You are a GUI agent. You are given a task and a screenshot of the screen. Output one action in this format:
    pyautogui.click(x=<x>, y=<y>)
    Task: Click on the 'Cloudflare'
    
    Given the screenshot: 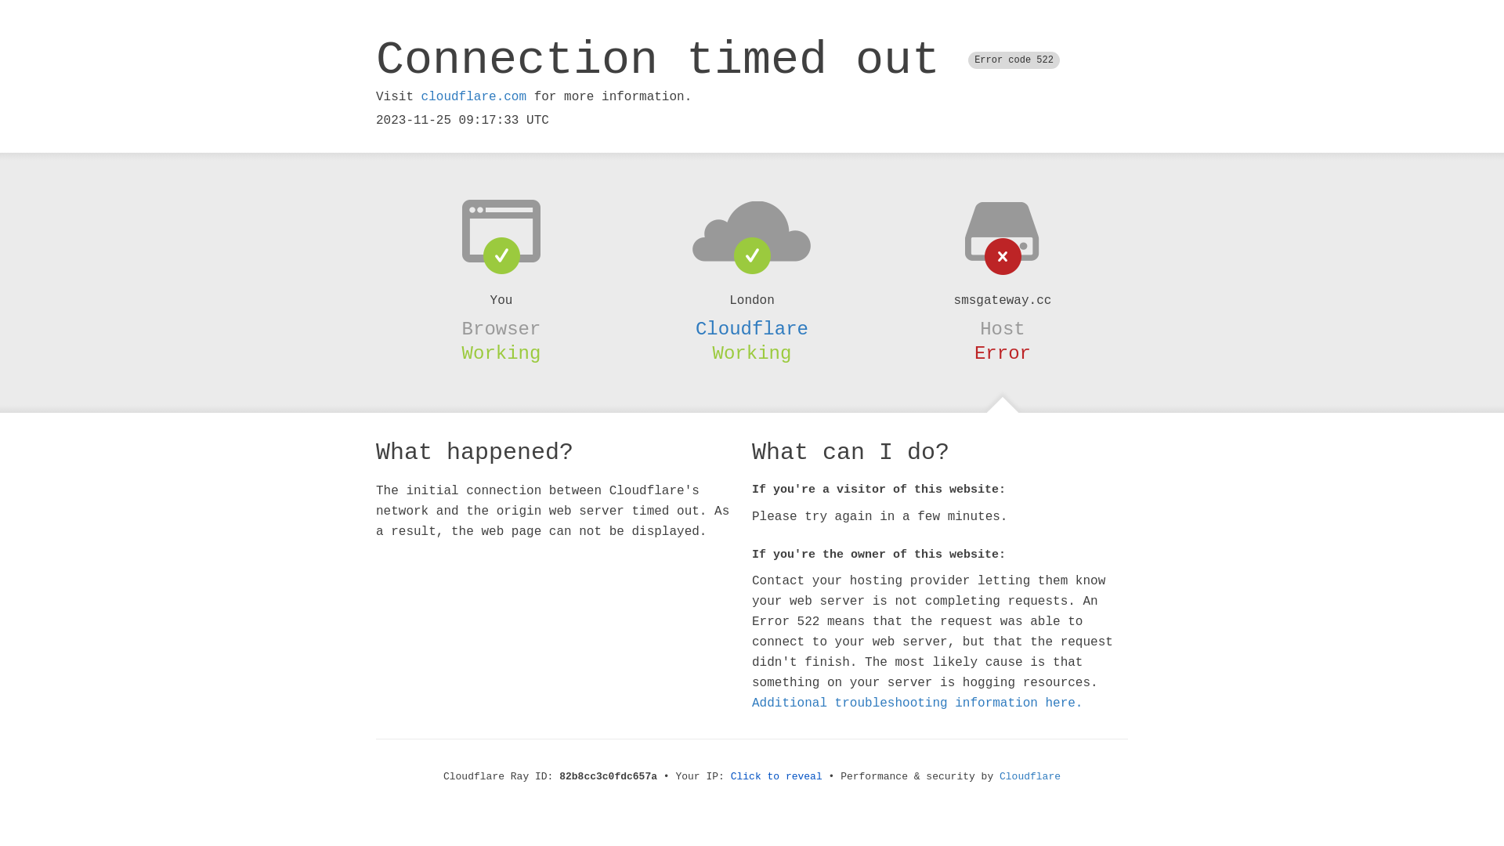 What is the action you would take?
    pyautogui.click(x=1030, y=776)
    